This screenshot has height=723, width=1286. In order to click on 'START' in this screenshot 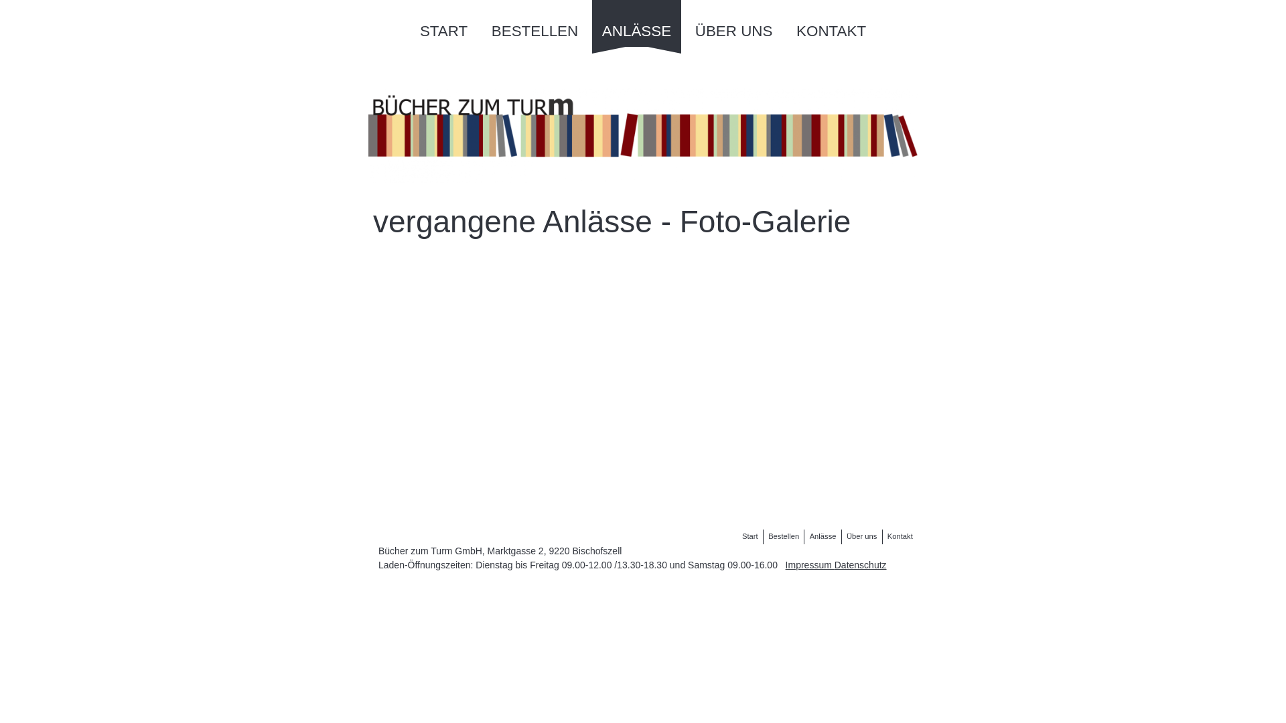, I will do `click(443, 23)`.